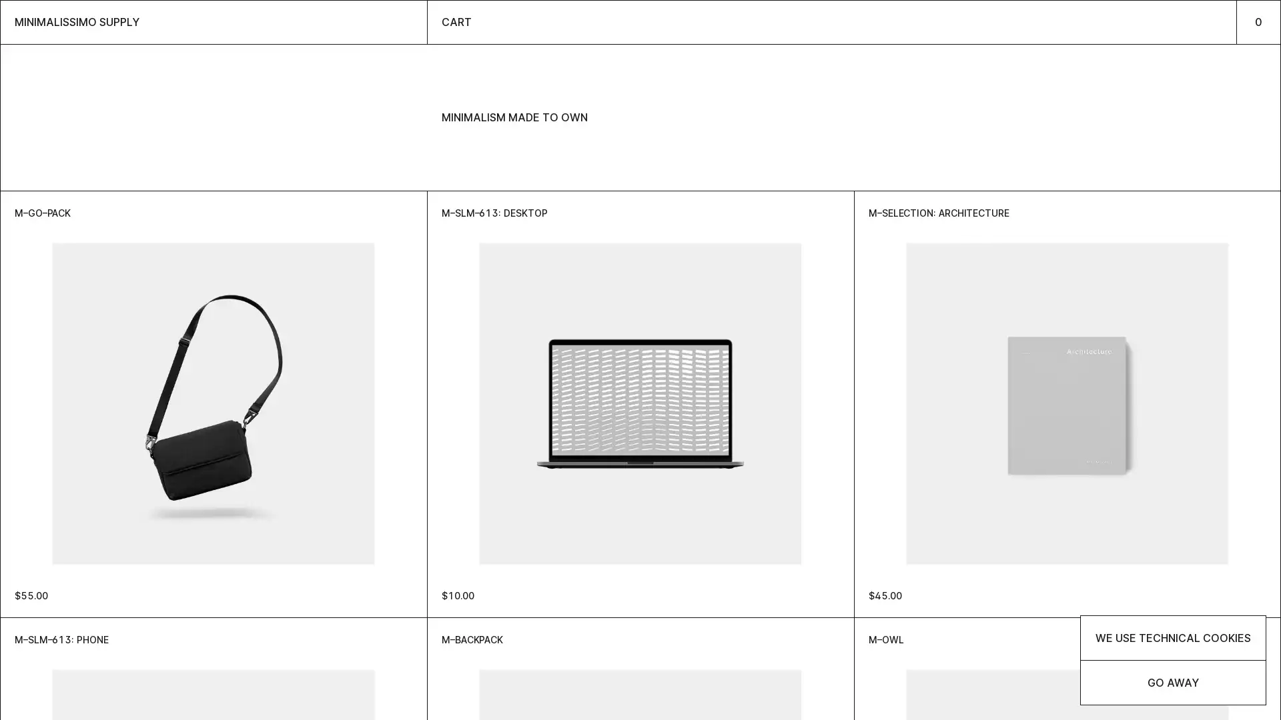 The height and width of the screenshot is (720, 1281). Describe the element at coordinates (1172, 682) in the screenshot. I see `GO AWAY` at that location.